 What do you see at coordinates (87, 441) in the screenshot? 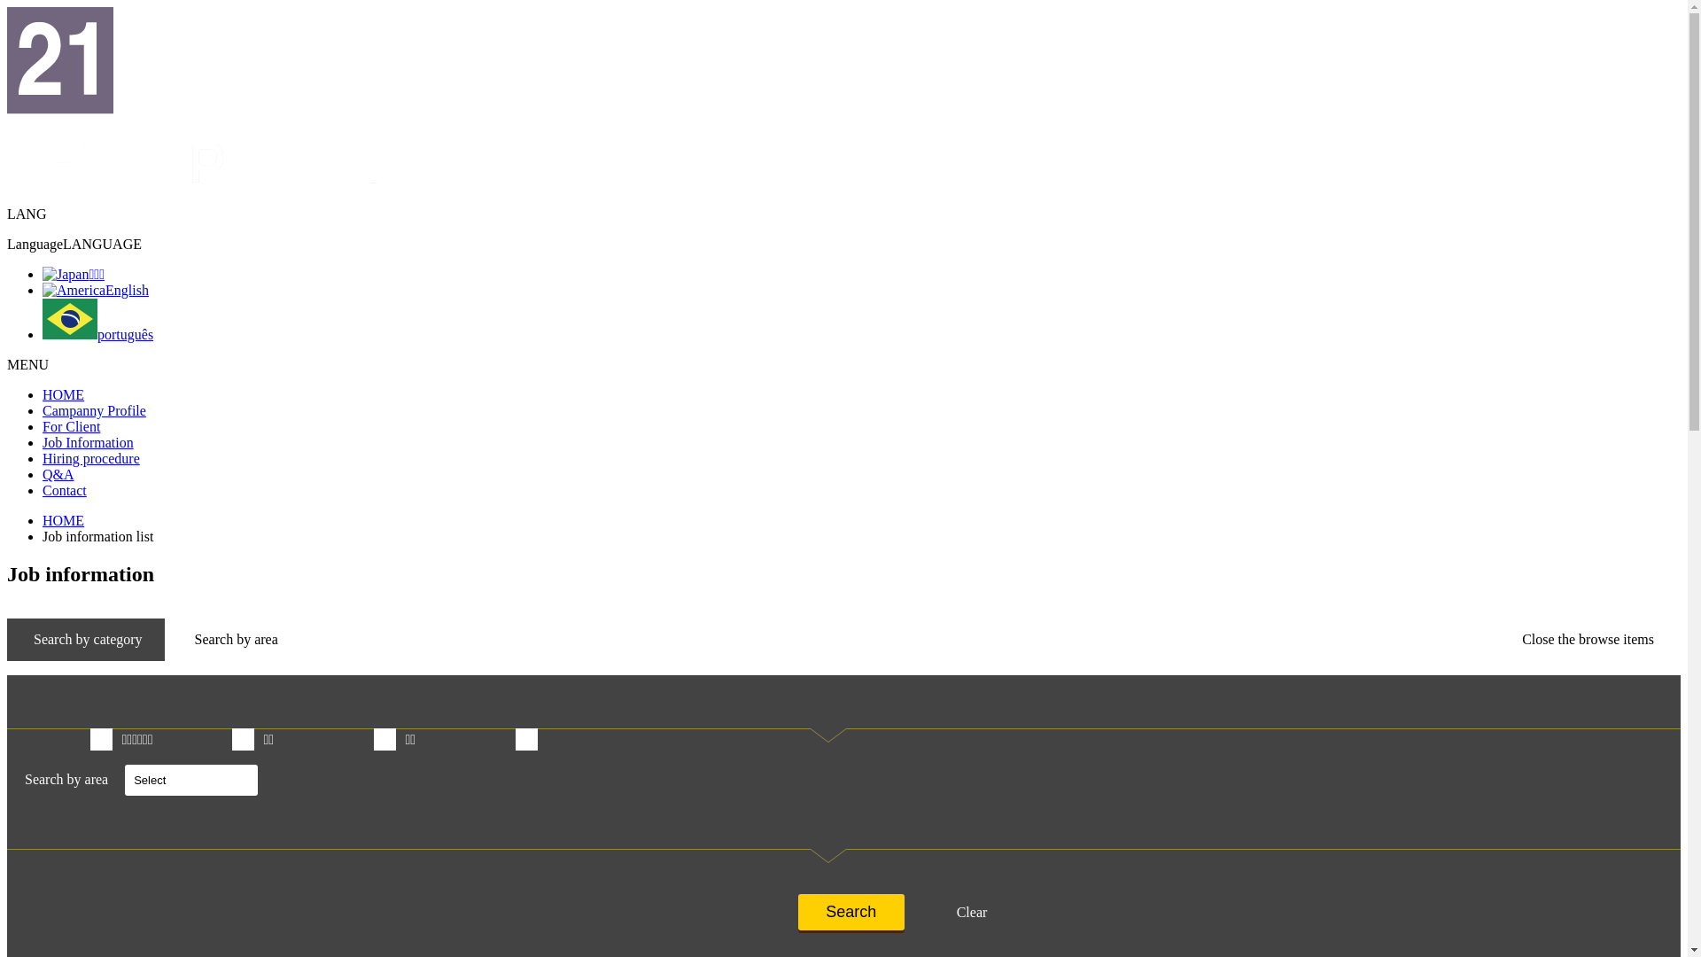
I see `'Job Information'` at bounding box center [87, 441].